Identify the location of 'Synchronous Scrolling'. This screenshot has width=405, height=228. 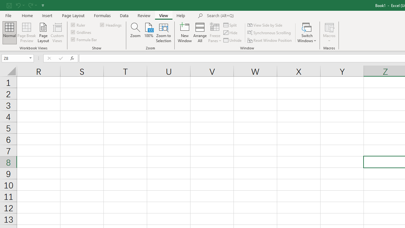
(270, 33).